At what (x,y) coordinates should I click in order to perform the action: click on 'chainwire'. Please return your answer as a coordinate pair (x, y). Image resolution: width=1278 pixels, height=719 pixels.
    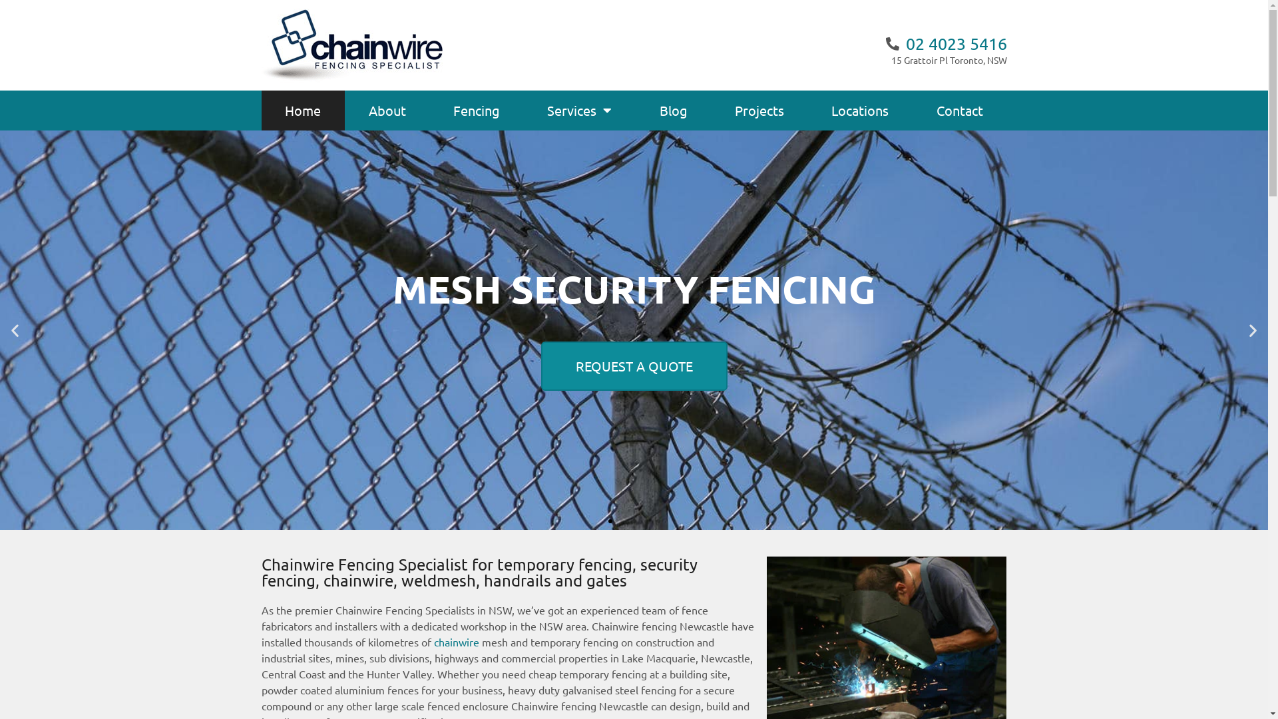
    Looking at the image, I should click on (457, 641).